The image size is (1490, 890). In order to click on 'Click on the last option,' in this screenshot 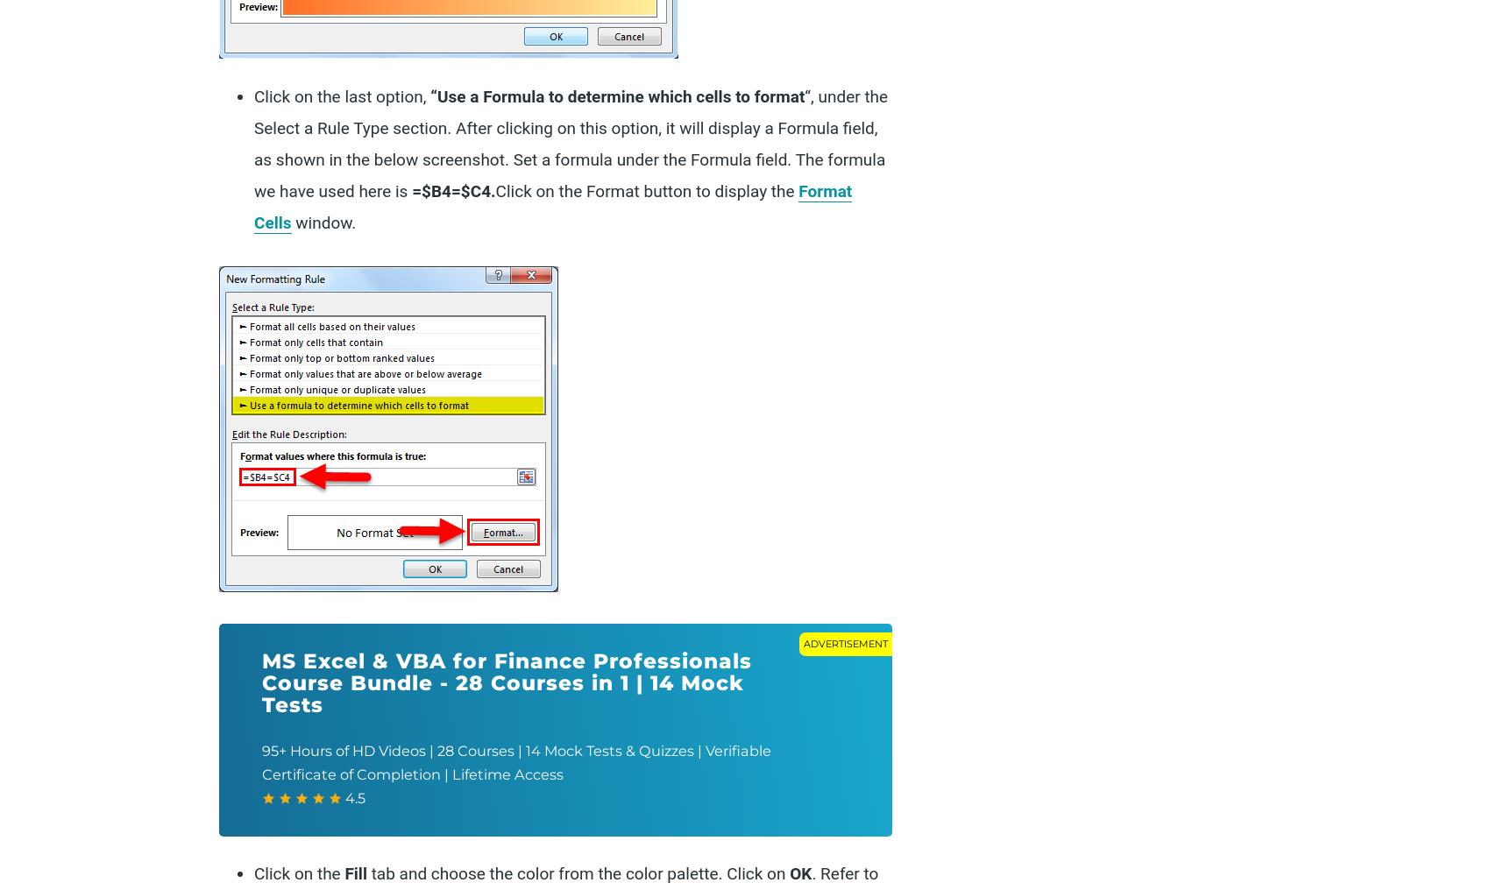, I will do `click(254, 95)`.